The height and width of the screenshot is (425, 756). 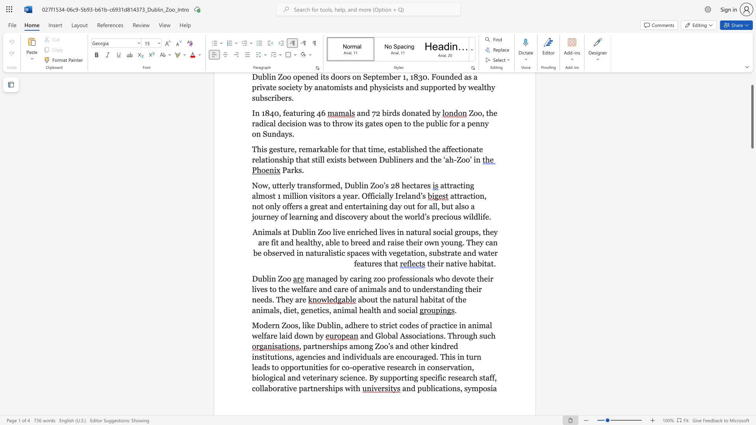 I want to click on the subset text "por" within the text "Dublin Zoo opened its doors on September 1, 1830. Founded as a private society by anatomists and physicists and supported by wealthy subscribers.", so click(x=432, y=87).